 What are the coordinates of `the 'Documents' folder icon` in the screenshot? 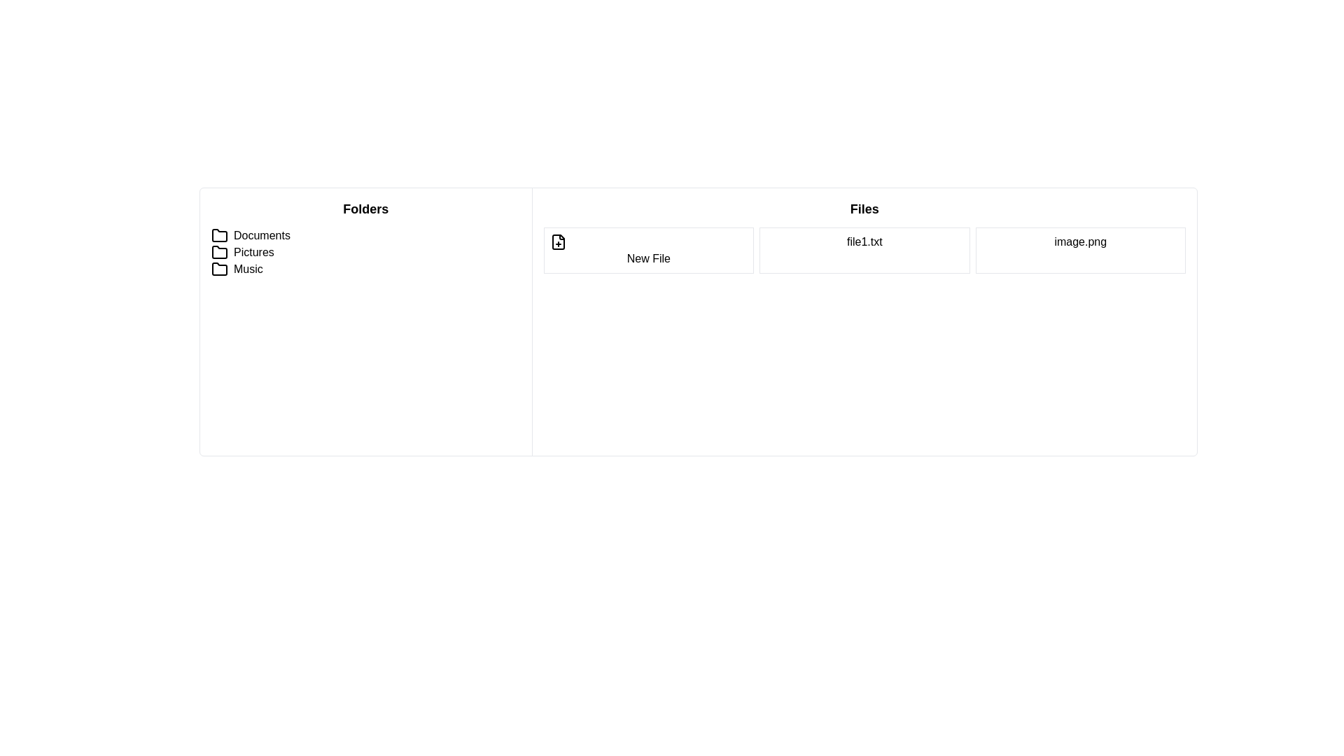 It's located at (218, 234).